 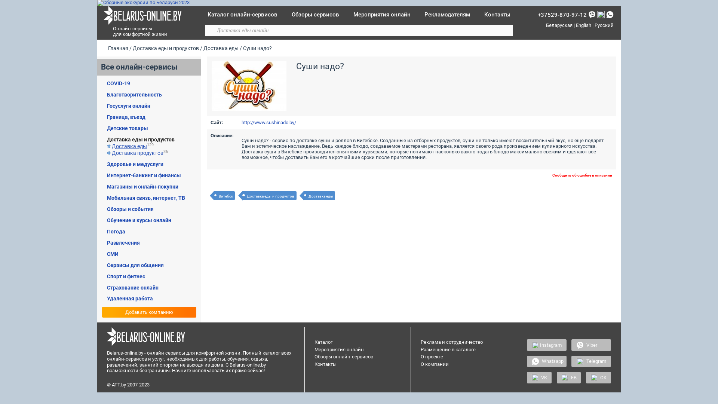 I want to click on 'OK', so click(x=598, y=377).